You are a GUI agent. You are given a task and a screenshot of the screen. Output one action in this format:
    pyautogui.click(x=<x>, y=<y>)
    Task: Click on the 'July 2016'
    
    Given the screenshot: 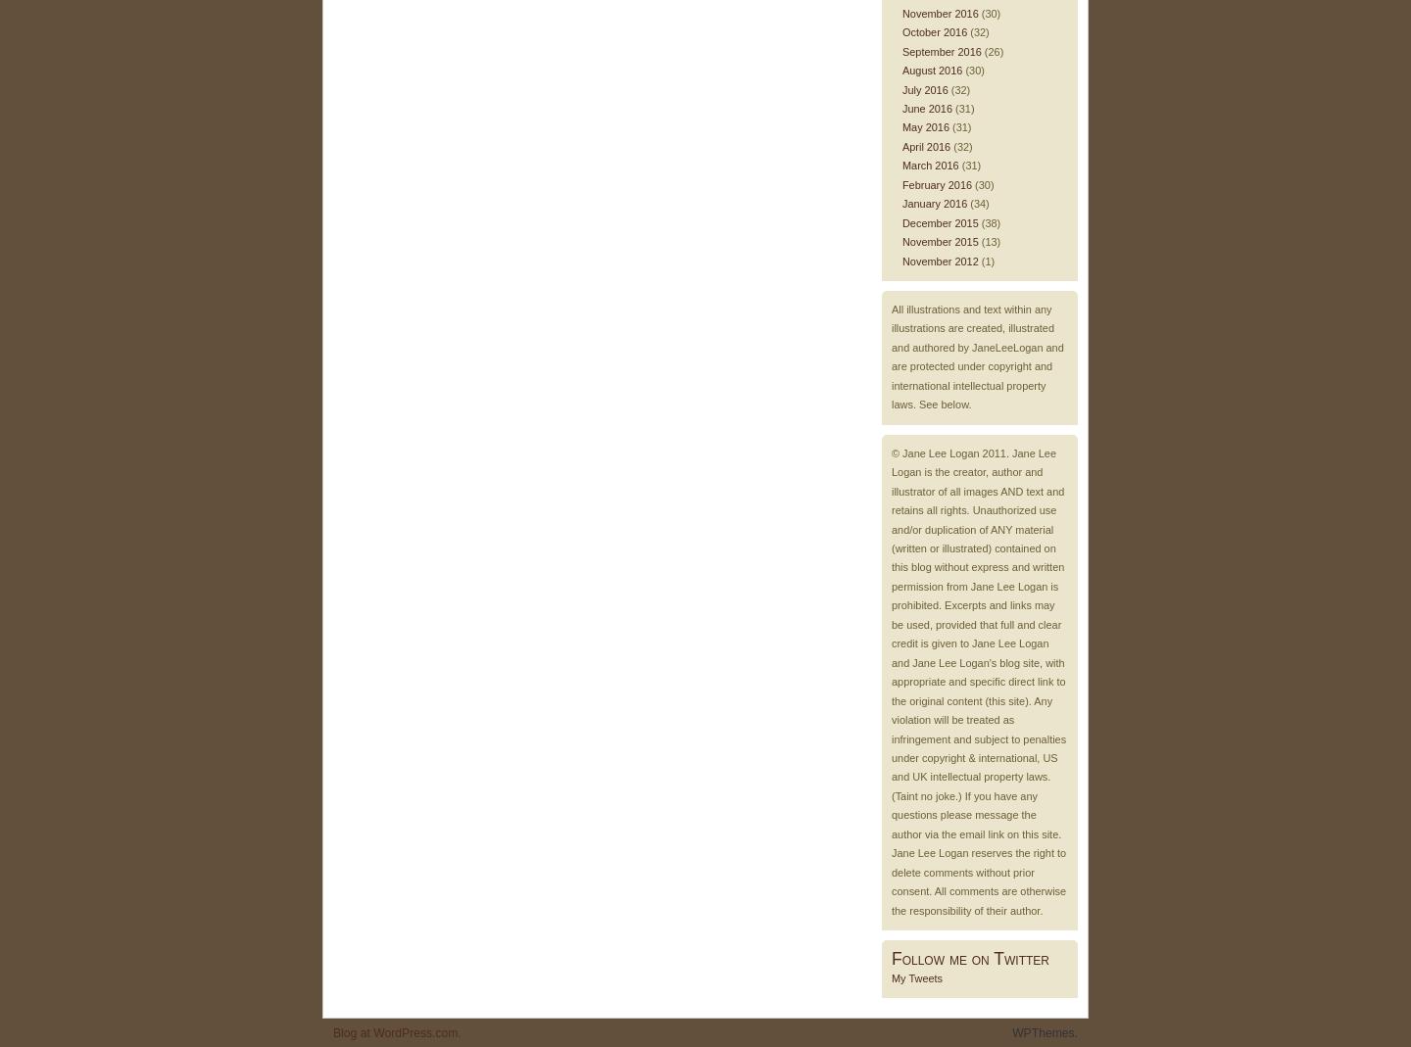 What is the action you would take?
    pyautogui.click(x=924, y=87)
    